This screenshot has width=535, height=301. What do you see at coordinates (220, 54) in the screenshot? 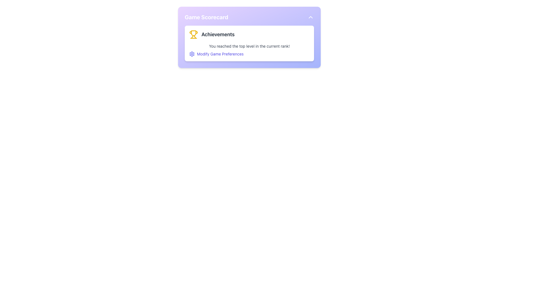
I see `the hyperlink reading 'Modify Game Preferences' which is styled in indigo and underlined, located at the bottom of the purple 'Achievements' card` at bounding box center [220, 54].